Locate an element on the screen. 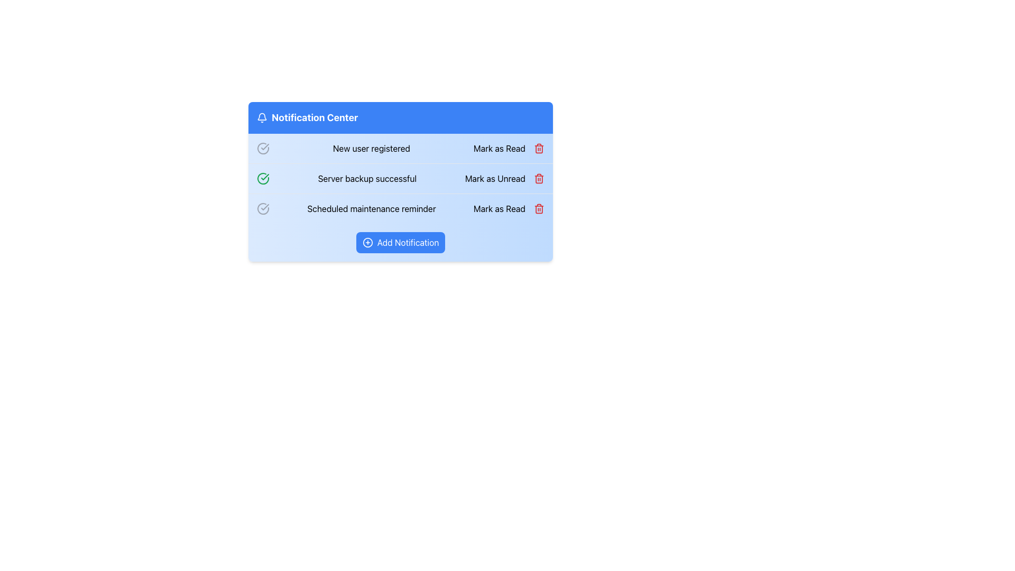  the button that marks the 'Scheduled maintenance reminder' notification as read is located at coordinates (499, 208).